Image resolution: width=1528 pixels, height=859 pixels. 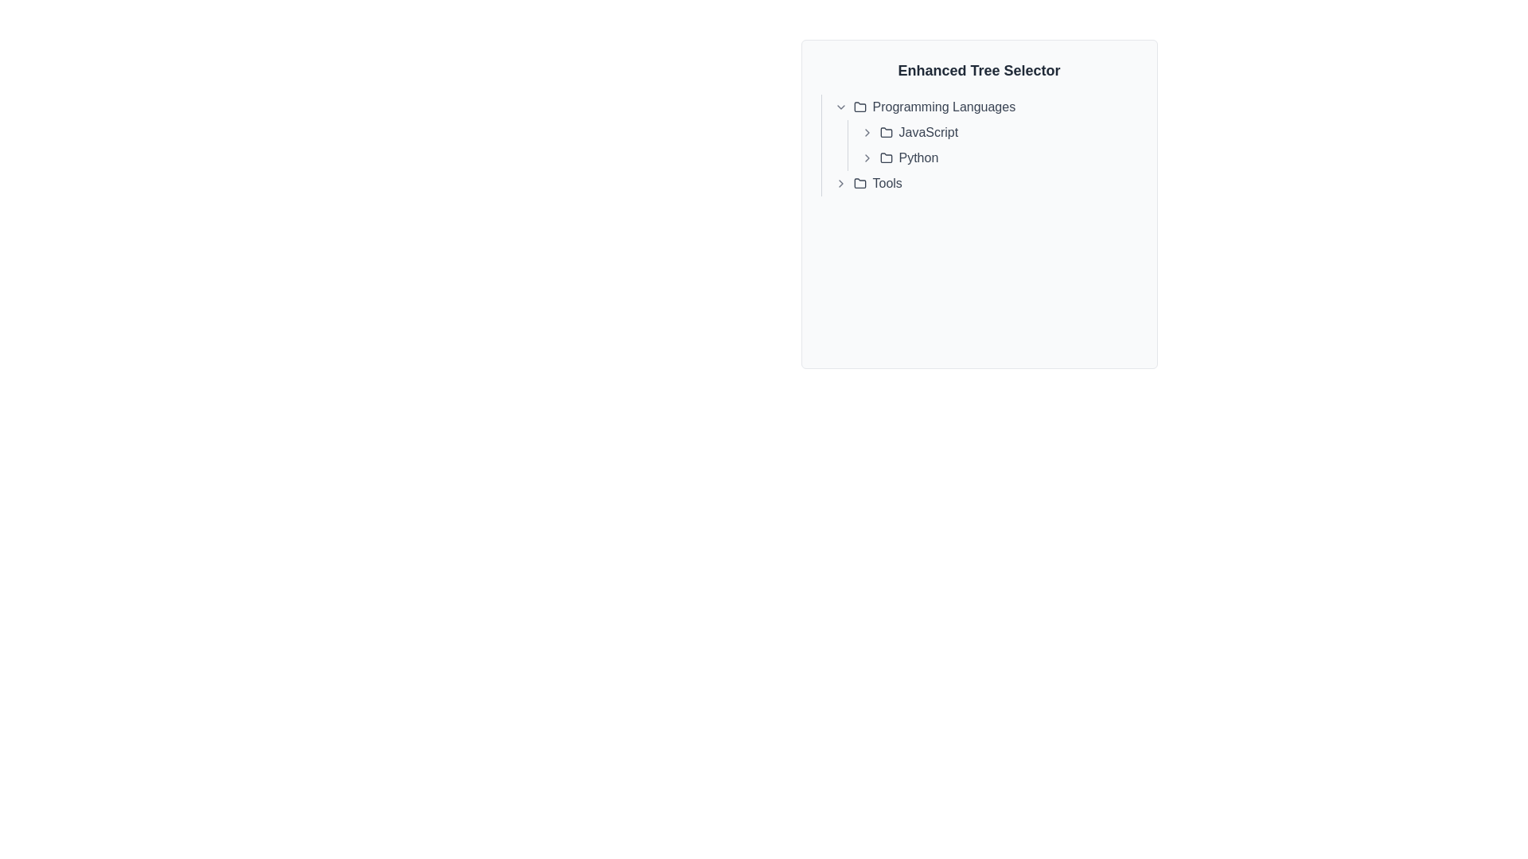 What do you see at coordinates (840, 183) in the screenshot?
I see `the right-pointing chevron icon button` at bounding box center [840, 183].